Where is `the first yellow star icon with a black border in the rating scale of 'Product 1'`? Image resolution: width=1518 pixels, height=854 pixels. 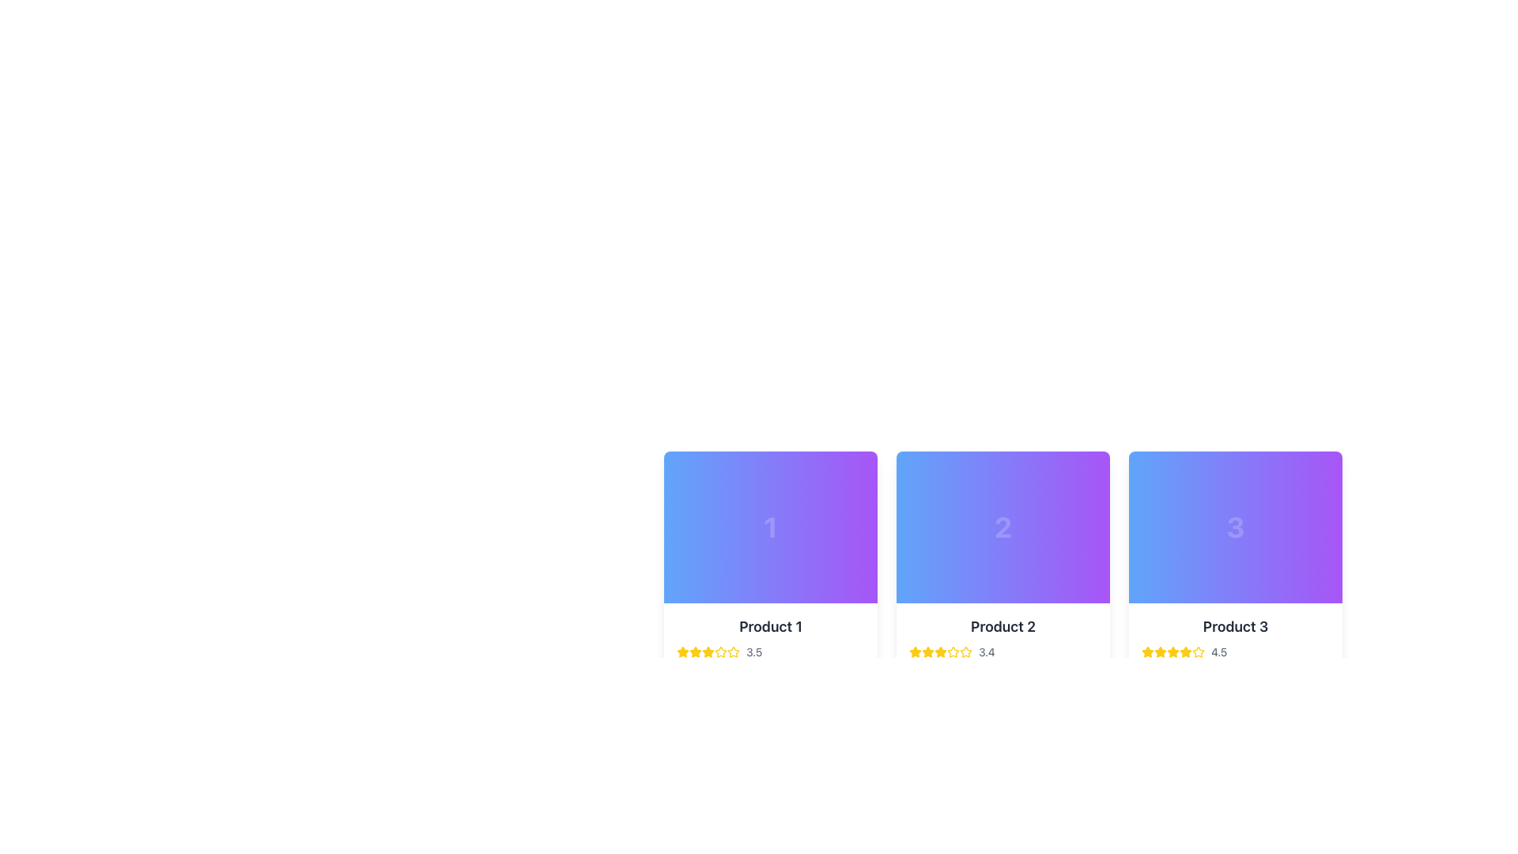 the first yellow star icon with a black border in the rating scale of 'Product 1' is located at coordinates (683, 652).